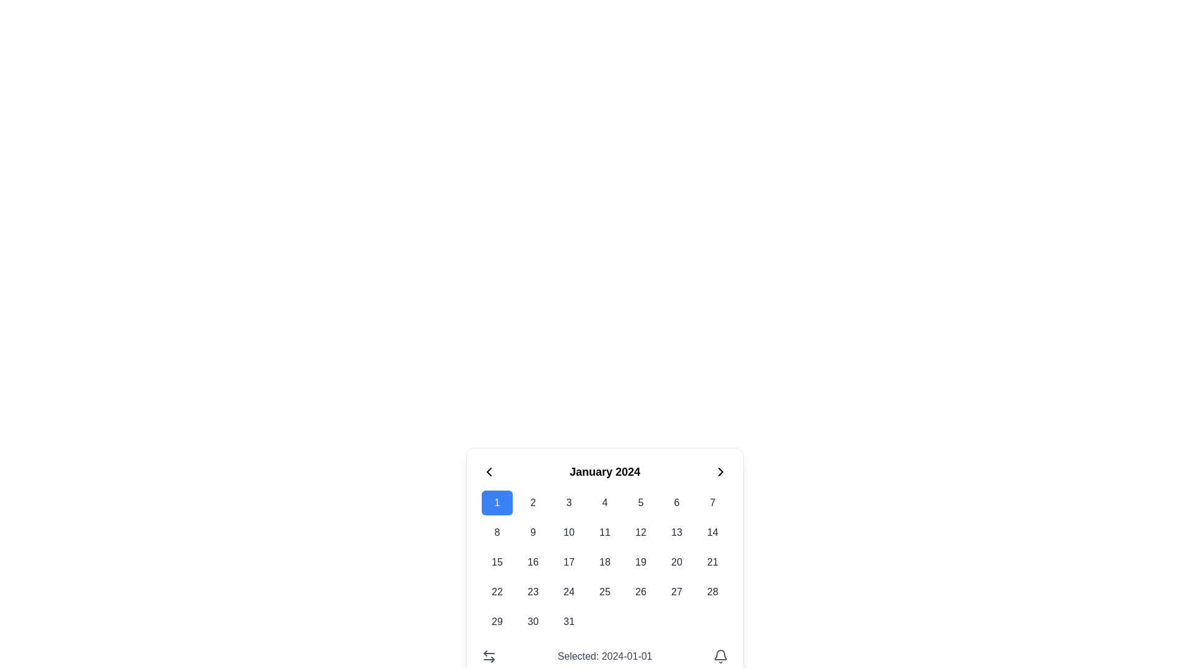 The height and width of the screenshot is (669, 1189). I want to click on the button displaying the number 4 in the calendar interface, so click(605, 503).